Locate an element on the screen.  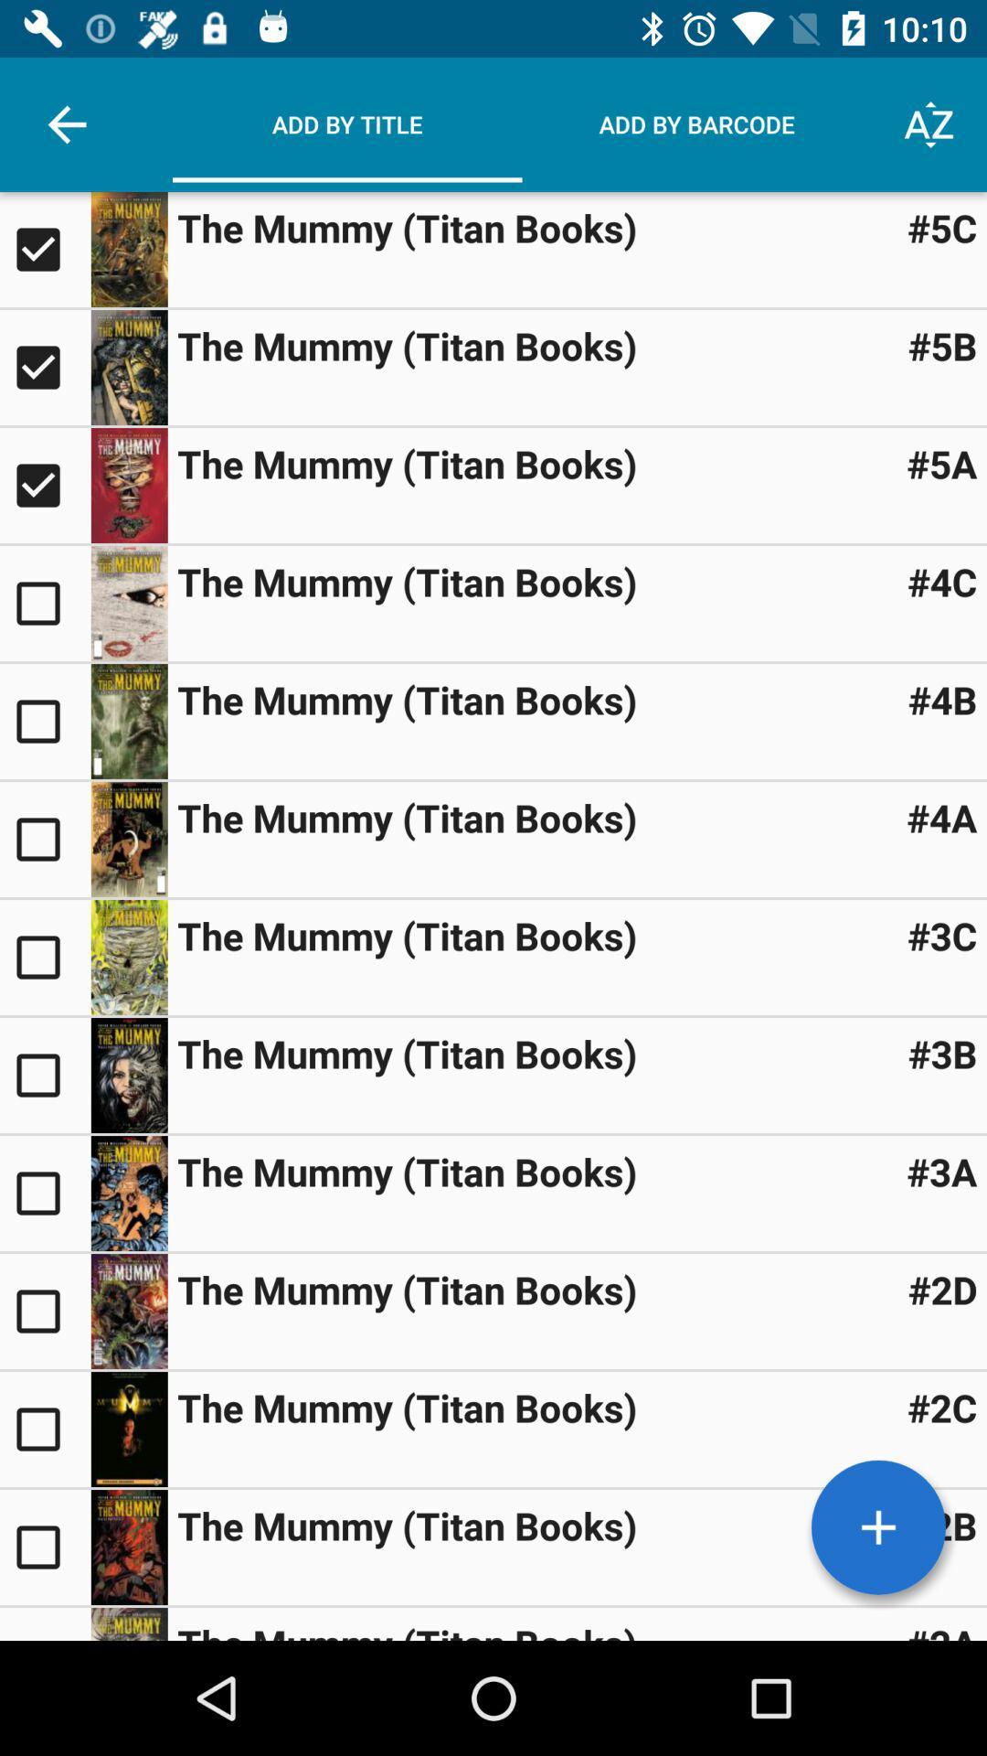
selection tick box is located at coordinates (44, 720).